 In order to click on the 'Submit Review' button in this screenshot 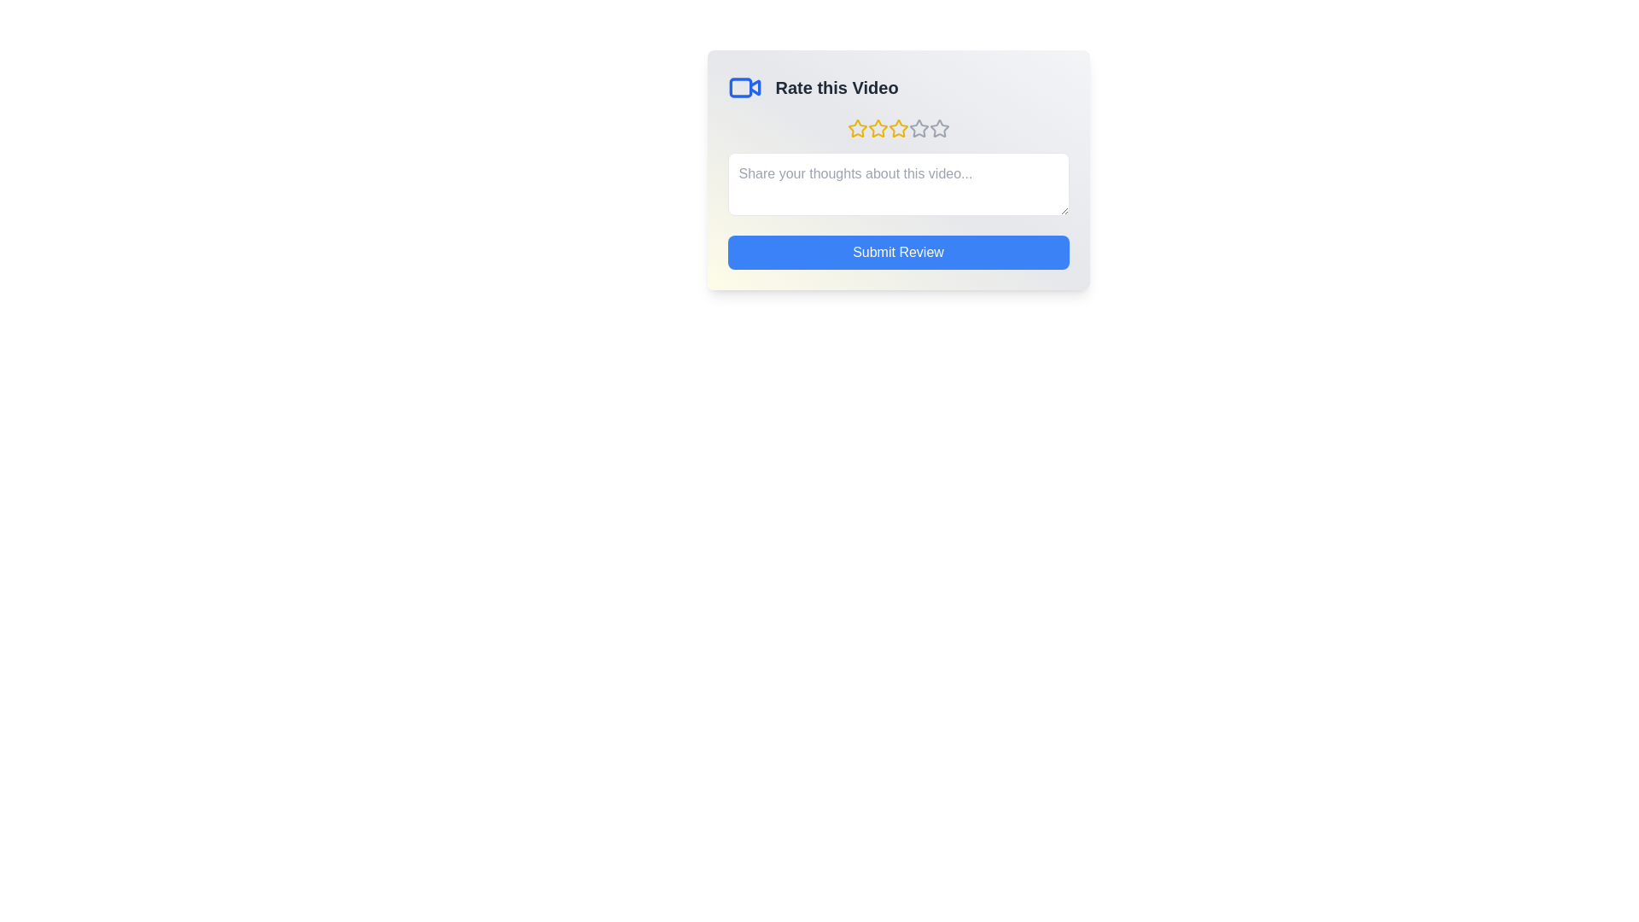, I will do `click(897, 253)`.